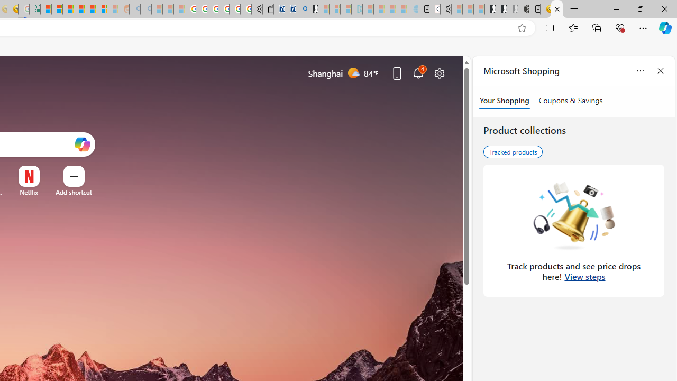 The width and height of the screenshot is (677, 381). What do you see at coordinates (489, 9) in the screenshot?
I see `'Play Free Online Games | Games from Microsoft Start'` at bounding box center [489, 9].